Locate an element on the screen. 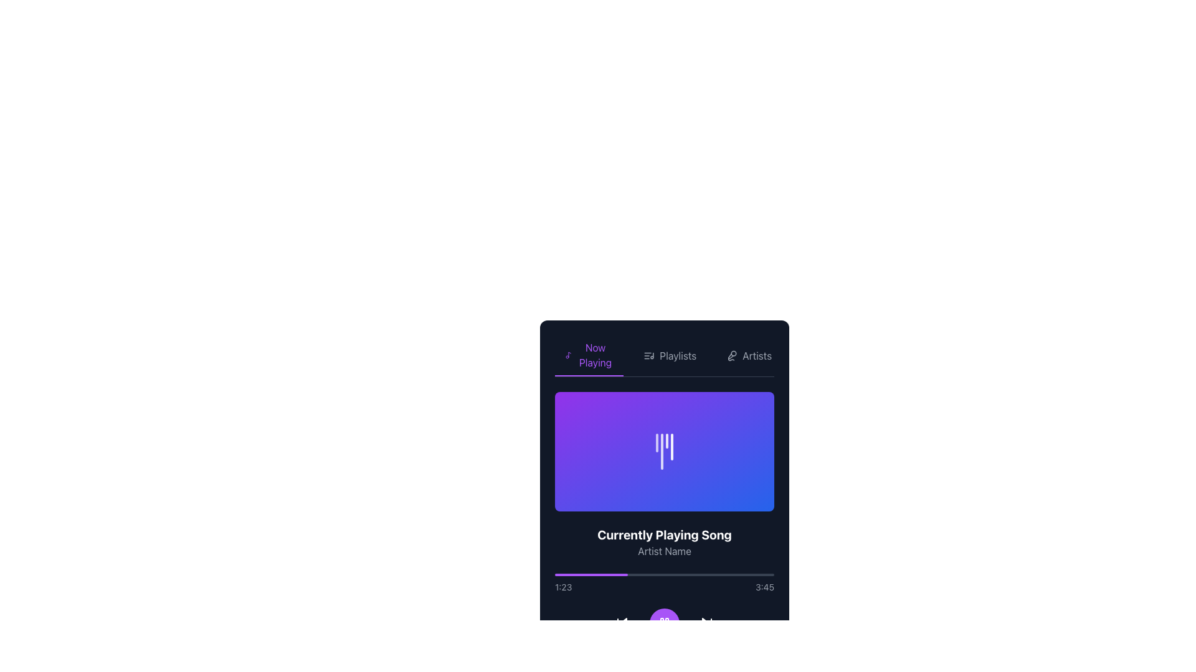 The width and height of the screenshot is (1196, 672). the static text label displaying 'Currently Playing Song', which is bold and large-sized, positioned above the 'Artist Name' text in a dark background is located at coordinates (663, 534).